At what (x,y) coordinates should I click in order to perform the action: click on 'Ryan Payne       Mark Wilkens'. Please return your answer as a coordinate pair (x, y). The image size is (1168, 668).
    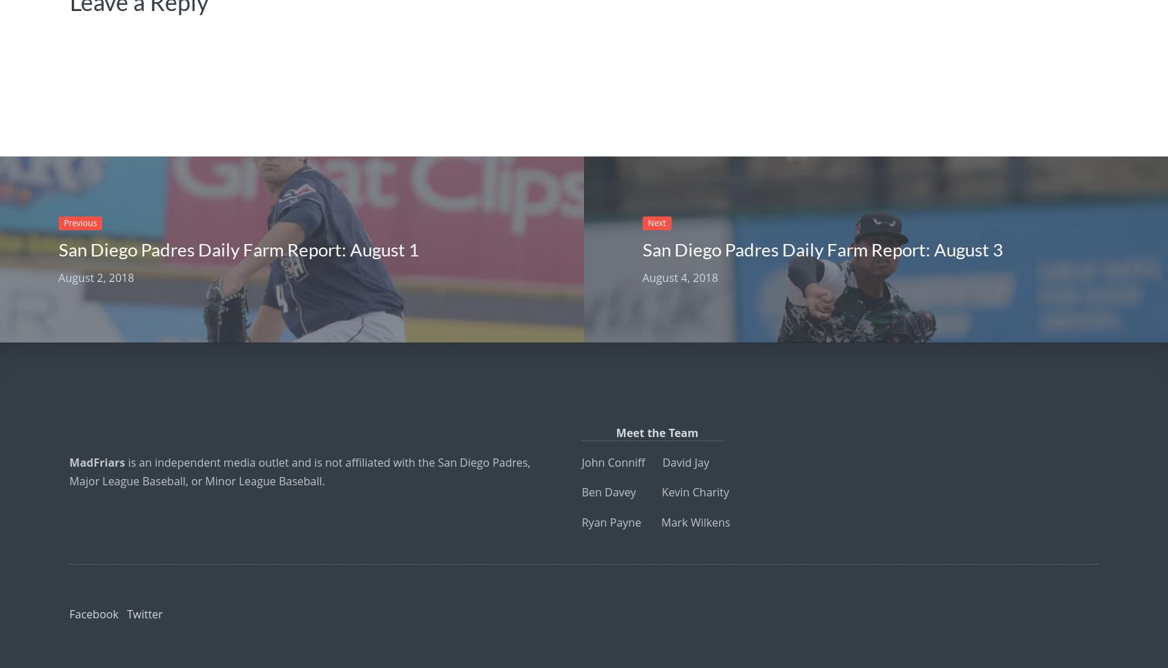
    Looking at the image, I should click on (655, 520).